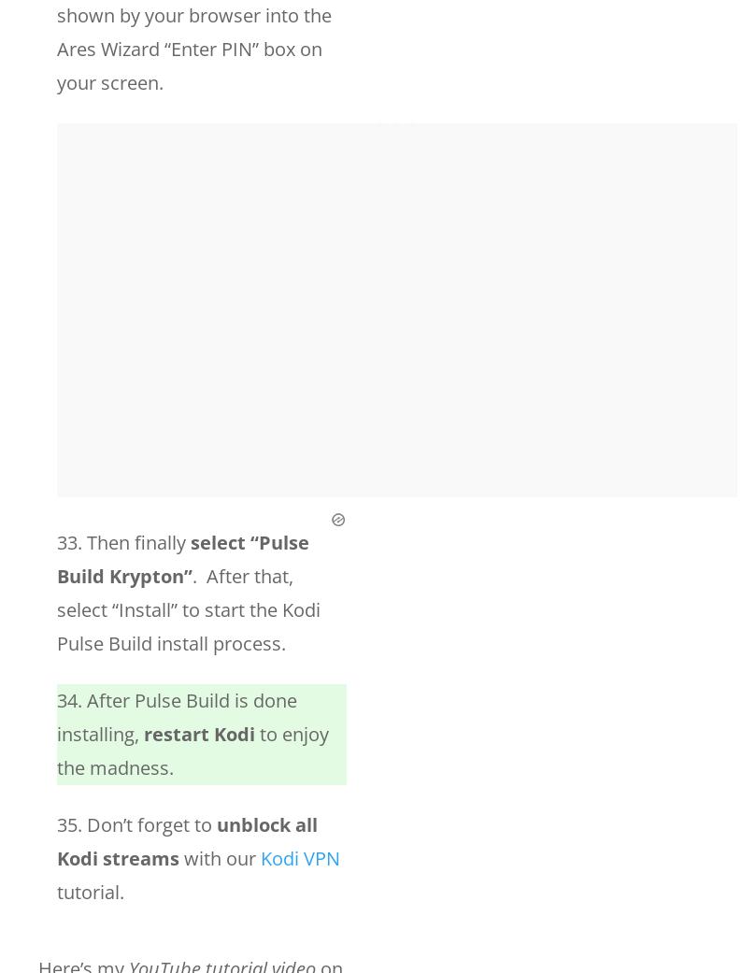 This screenshot has width=756, height=973. Describe the element at coordinates (300, 857) in the screenshot. I see `'Kodi VPN'` at that location.